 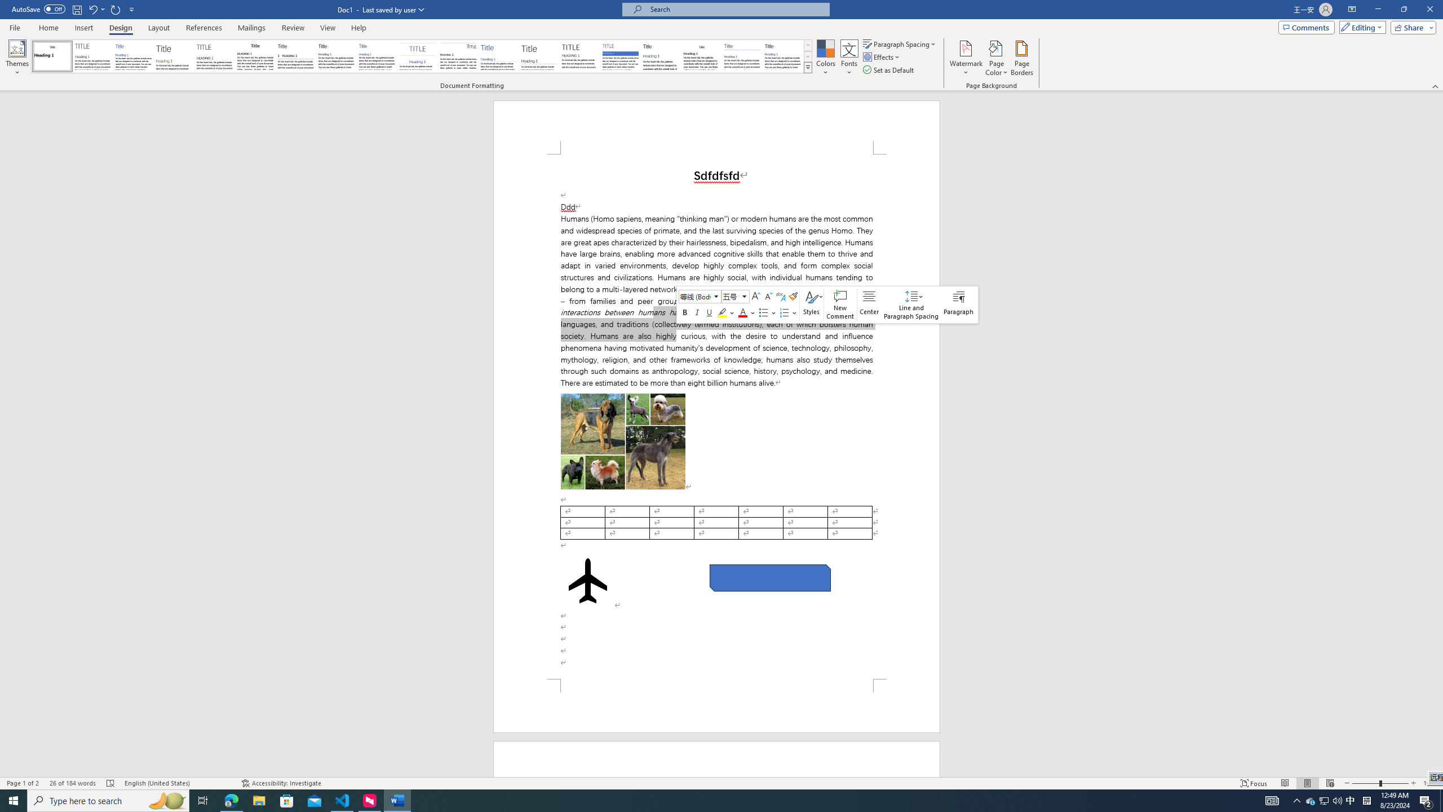 I want to click on 'Format Painter', so click(x=793, y=296).